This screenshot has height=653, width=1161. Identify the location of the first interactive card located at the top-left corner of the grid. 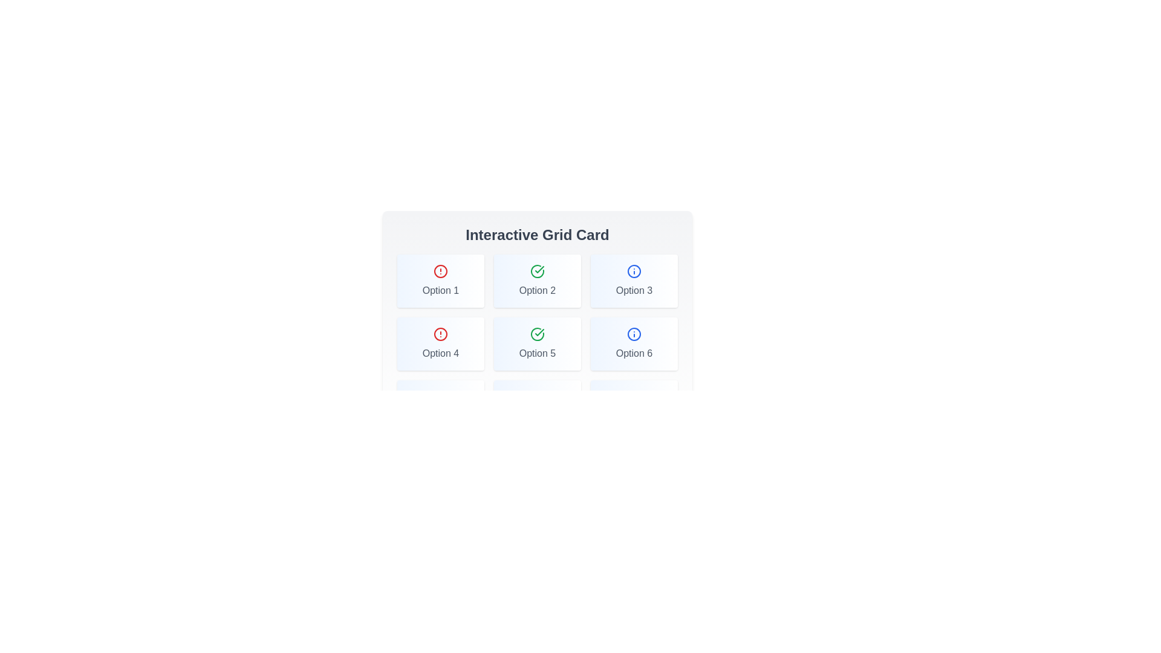
(440, 281).